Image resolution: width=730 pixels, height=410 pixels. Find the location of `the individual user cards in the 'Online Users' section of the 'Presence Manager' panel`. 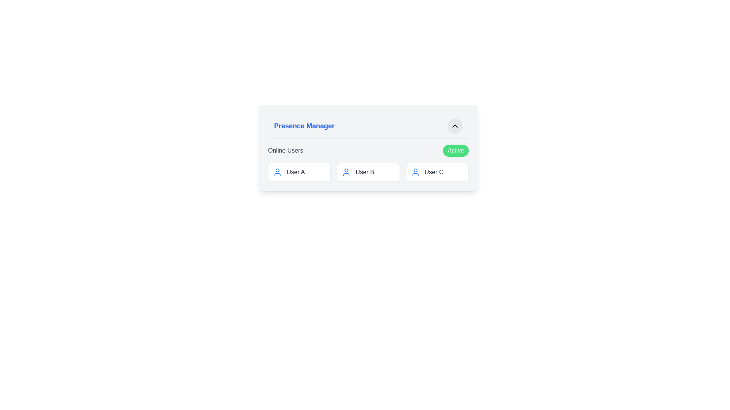

the individual user cards in the 'Online Users' section of the 'Presence Manager' panel is located at coordinates (368, 162).